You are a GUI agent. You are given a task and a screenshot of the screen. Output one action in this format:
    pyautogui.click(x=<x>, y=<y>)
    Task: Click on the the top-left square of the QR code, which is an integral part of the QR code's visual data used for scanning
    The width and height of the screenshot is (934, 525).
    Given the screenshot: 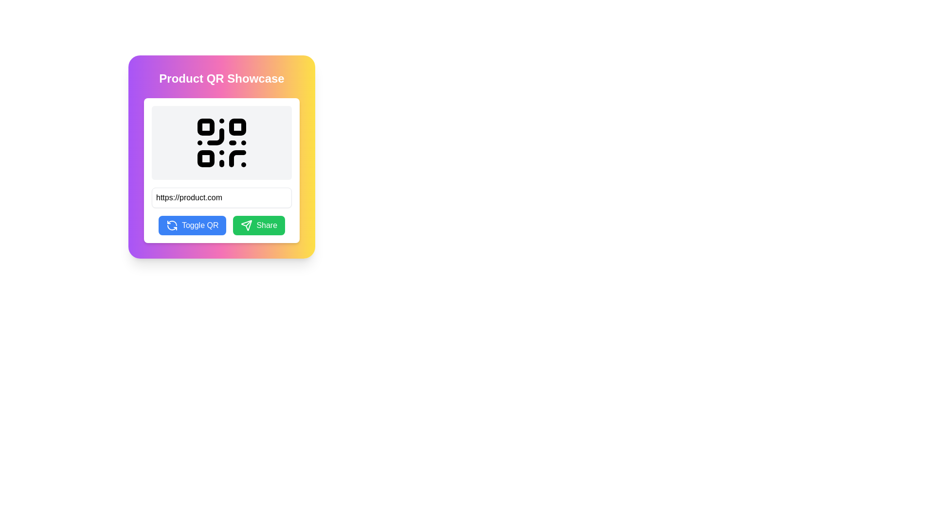 What is the action you would take?
    pyautogui.click(x=205, y=126)
    